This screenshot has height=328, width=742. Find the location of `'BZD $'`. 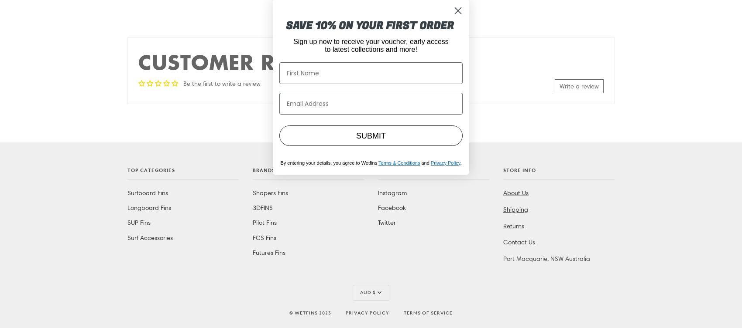

'BZD $' is located at coordinates (367, 16).